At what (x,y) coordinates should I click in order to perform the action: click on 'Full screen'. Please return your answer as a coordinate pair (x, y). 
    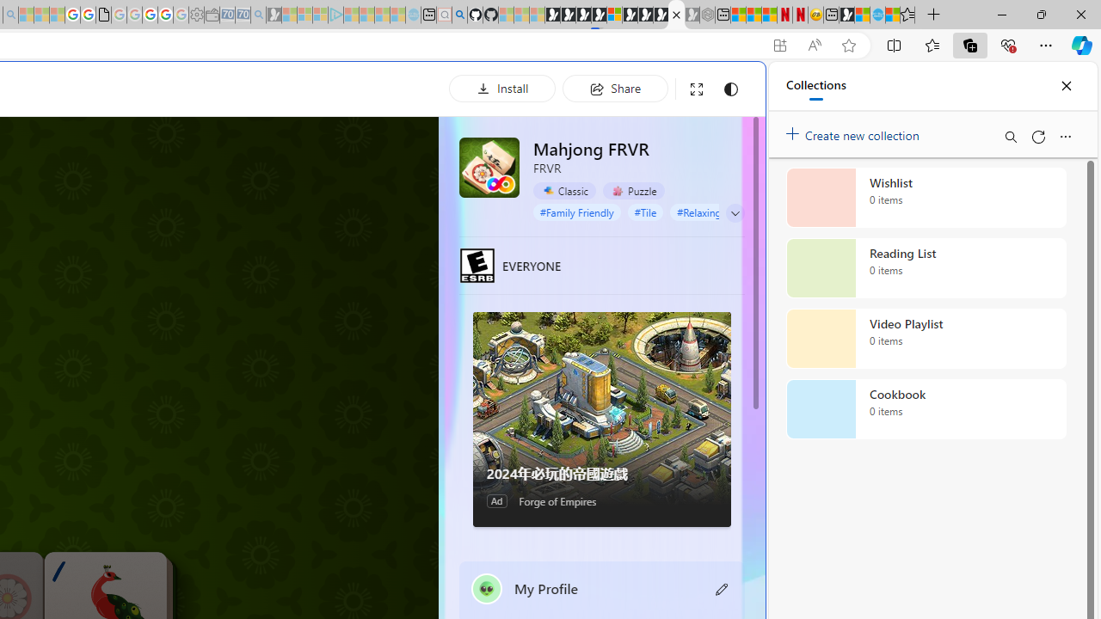
    Looking at the image, I should click on (697, 89).